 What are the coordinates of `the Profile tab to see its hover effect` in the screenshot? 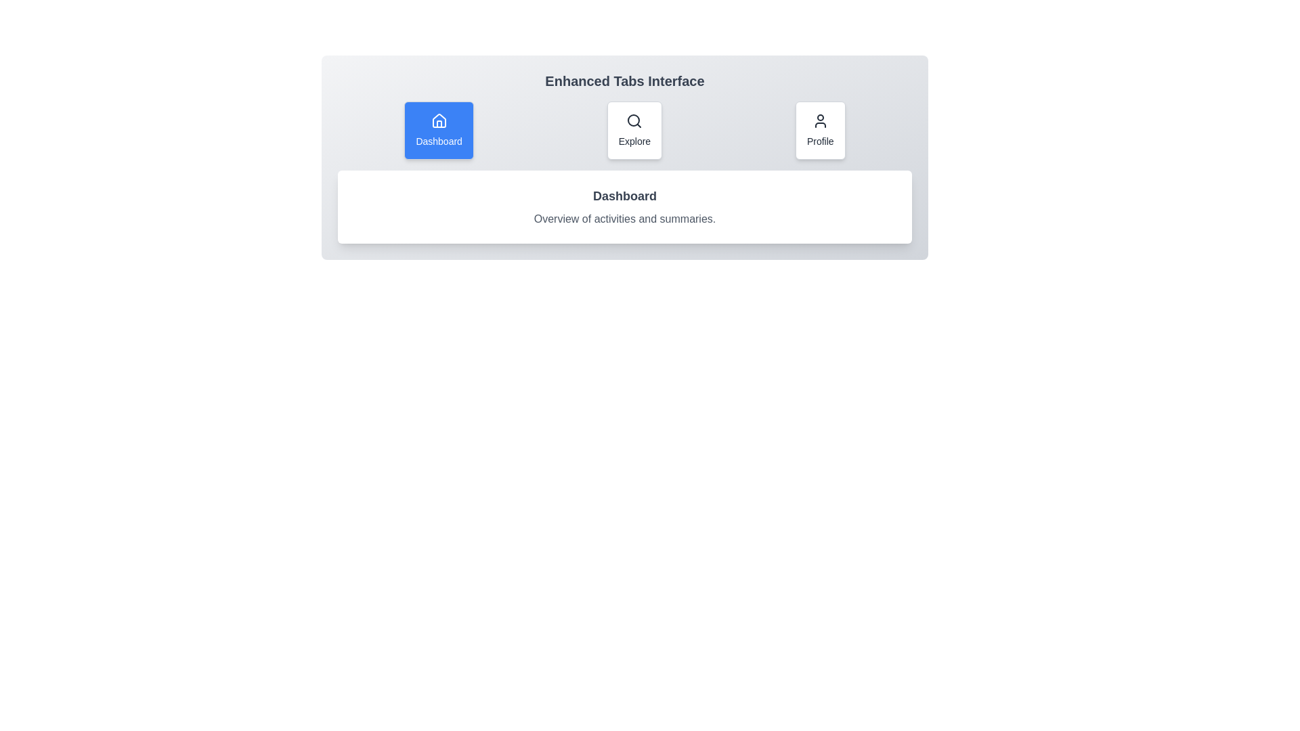 It's located at (819, 130).